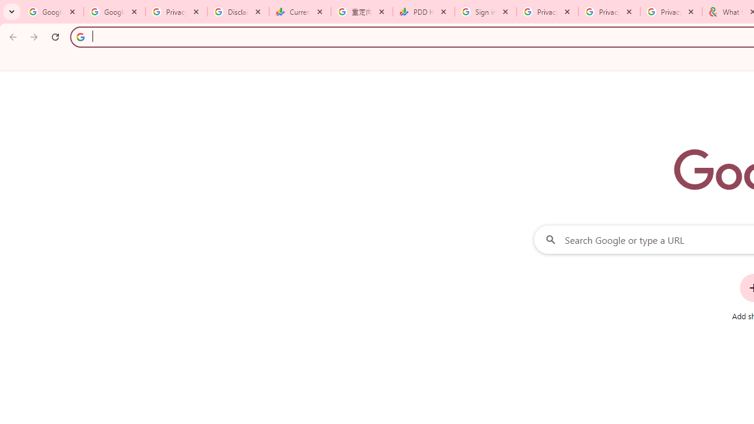 The image size is (754, 424). Describe the element at coordinates (485, 12) in the screenshot. I see `'Sign in - Google Accounts'` at that location.